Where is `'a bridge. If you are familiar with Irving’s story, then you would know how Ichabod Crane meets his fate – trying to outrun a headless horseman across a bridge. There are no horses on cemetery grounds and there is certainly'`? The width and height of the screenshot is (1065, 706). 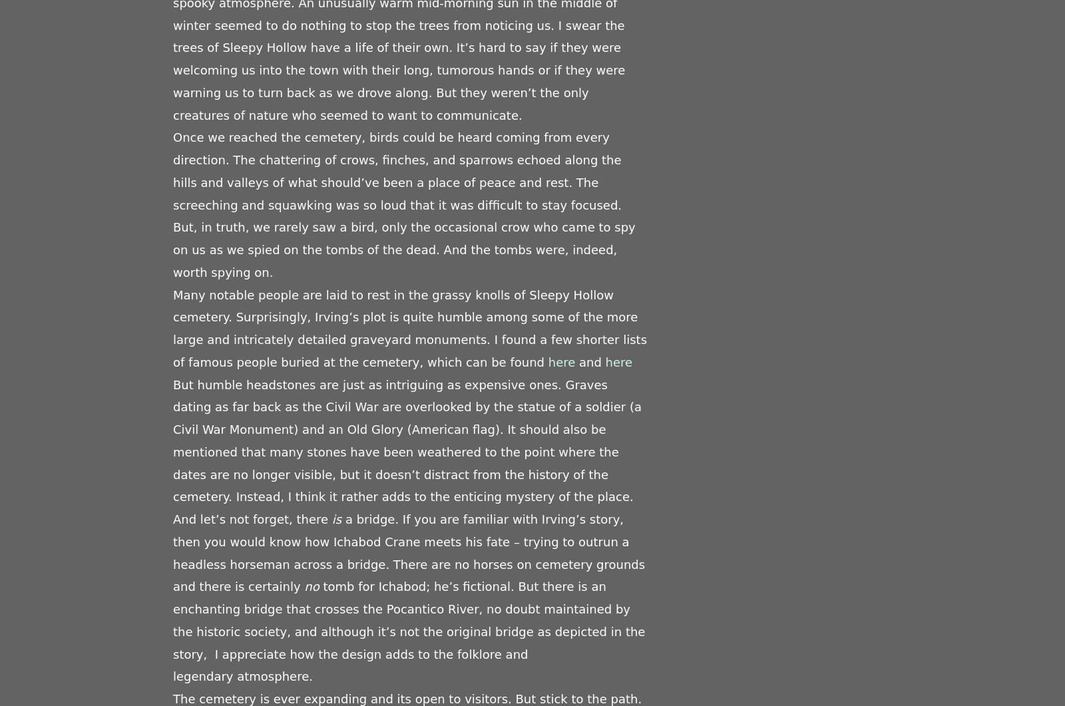
'a bridge. If you are familiar with Irving’s story, then you would know how Ichabod Crane meets his fate – trying to outrun a headless horseman across a bridge. There are no horses on cemetery grounds and there is certainly' is located at coordinates (409, 552).